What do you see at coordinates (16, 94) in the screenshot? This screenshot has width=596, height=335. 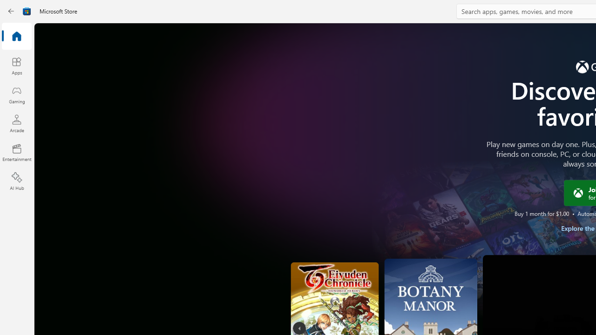 I see `'Gaming'` at bounding box center [16, 94].